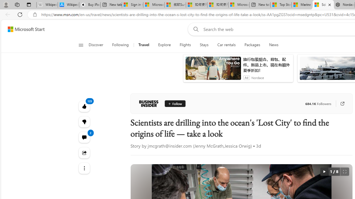  What do you see at coordinates (22, 29) in the screenshot?
I see `'Skip to footer'` at bounding box center [22, 29].